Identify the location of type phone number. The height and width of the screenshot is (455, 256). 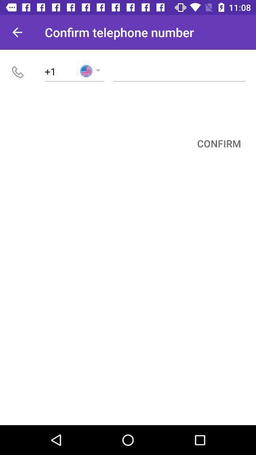
(179, 71).